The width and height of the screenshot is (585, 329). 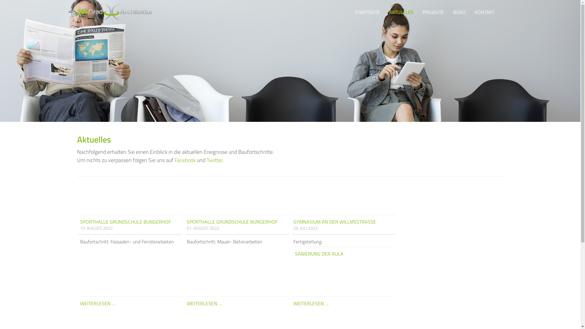 What do you see at coordinates (367, 12) in the screenshot?
I see `'STARTSEITE'` at bounding box center [367, 12].